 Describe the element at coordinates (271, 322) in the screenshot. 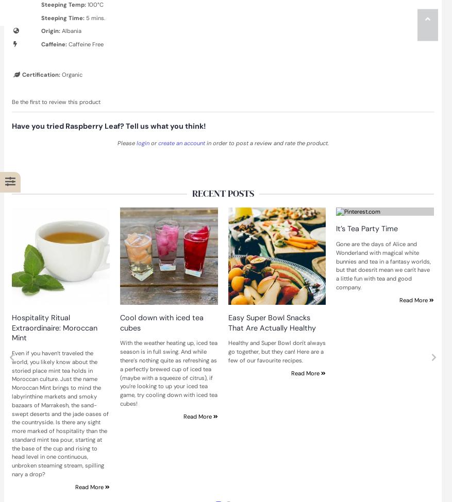

I see `'Easy Super Bowl Snacks That Are Actually Healthy'` at that location.